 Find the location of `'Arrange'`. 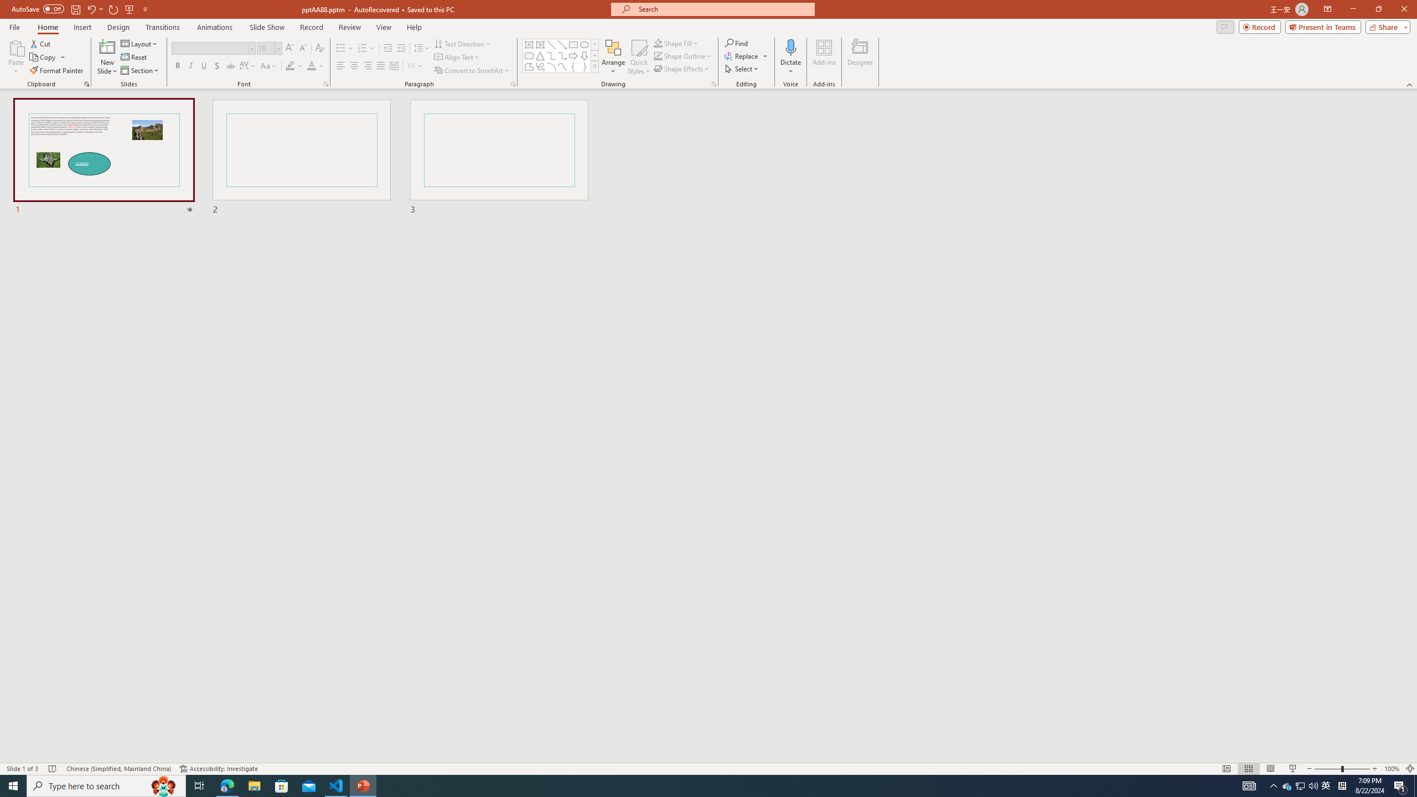

'Arrange' is located at coordinates (613, 57).